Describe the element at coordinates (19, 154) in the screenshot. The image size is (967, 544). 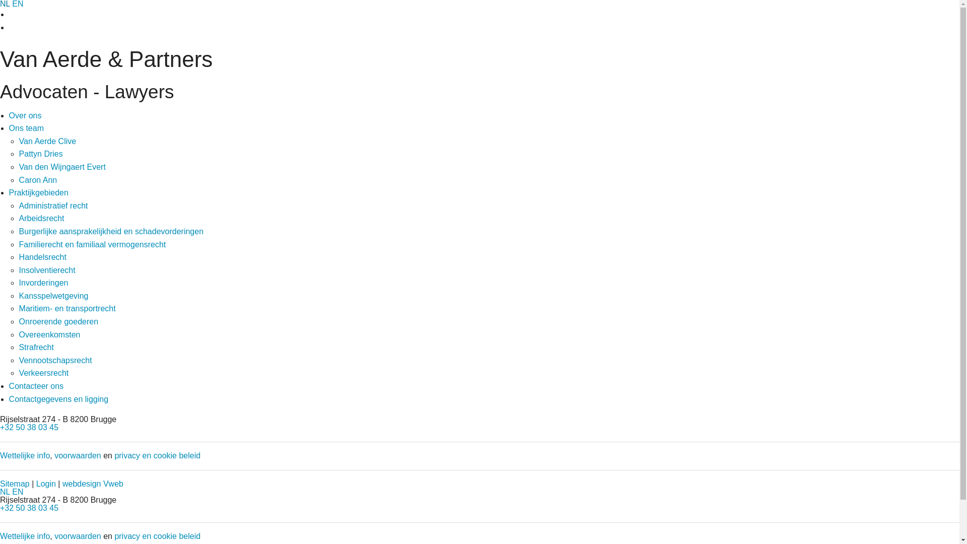
I see `'Pattyn Dries'` at that location.